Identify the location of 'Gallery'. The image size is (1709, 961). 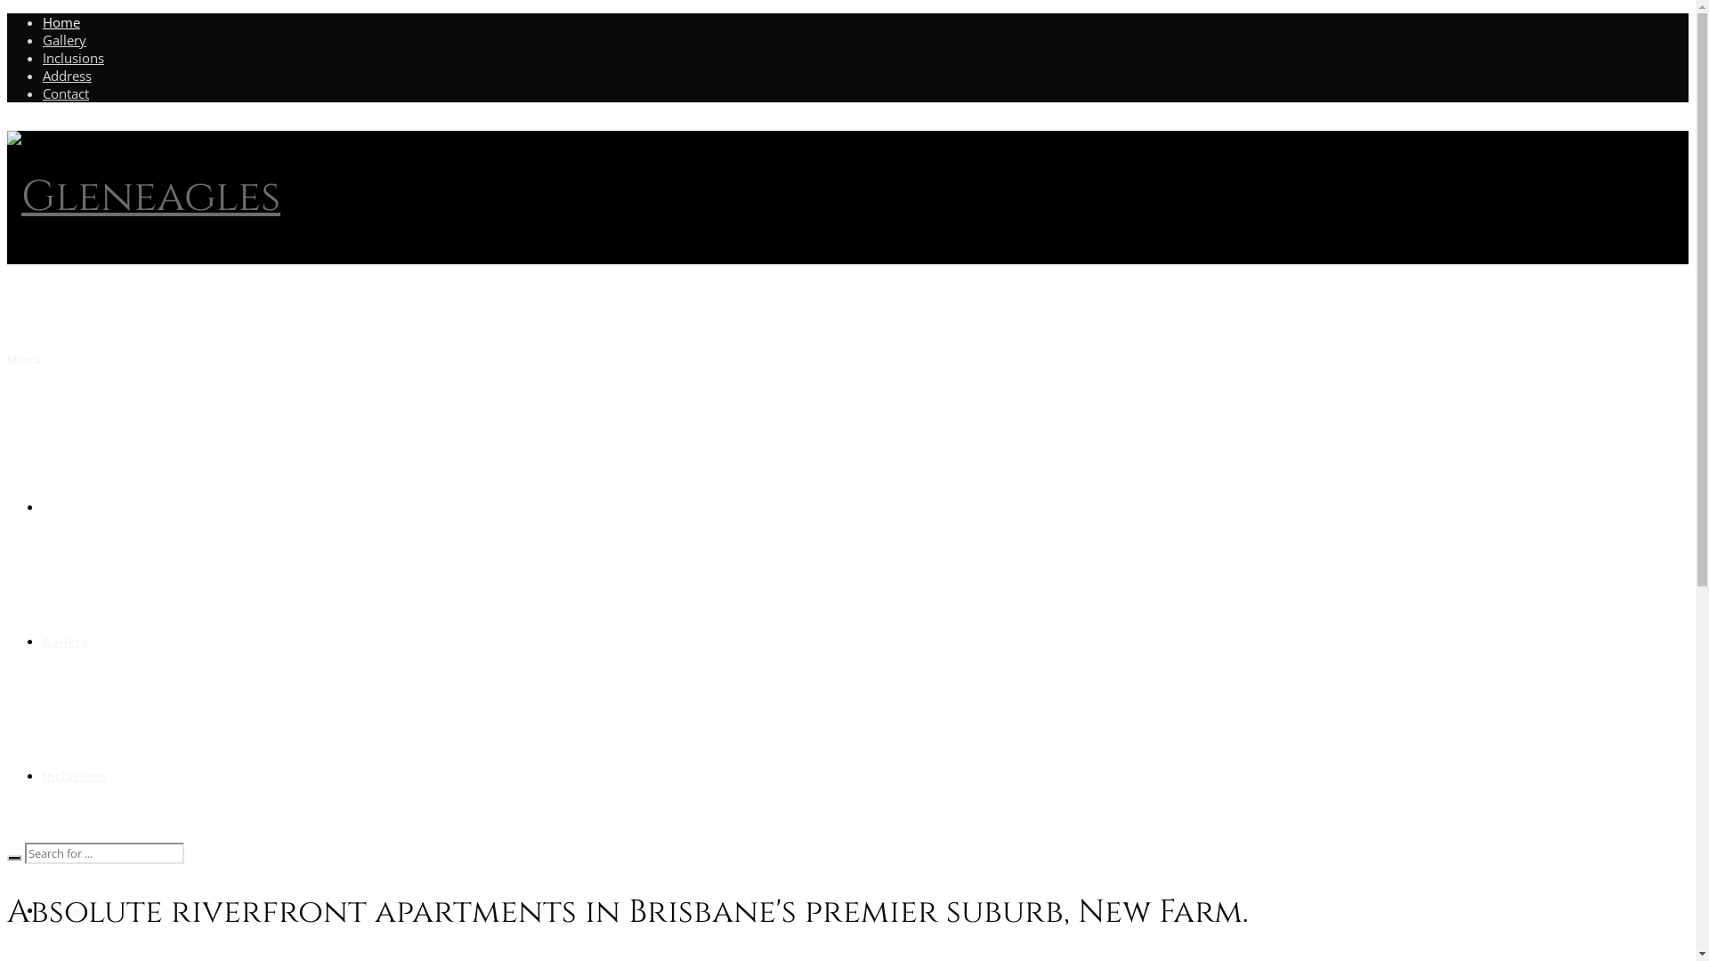
(64, 40).